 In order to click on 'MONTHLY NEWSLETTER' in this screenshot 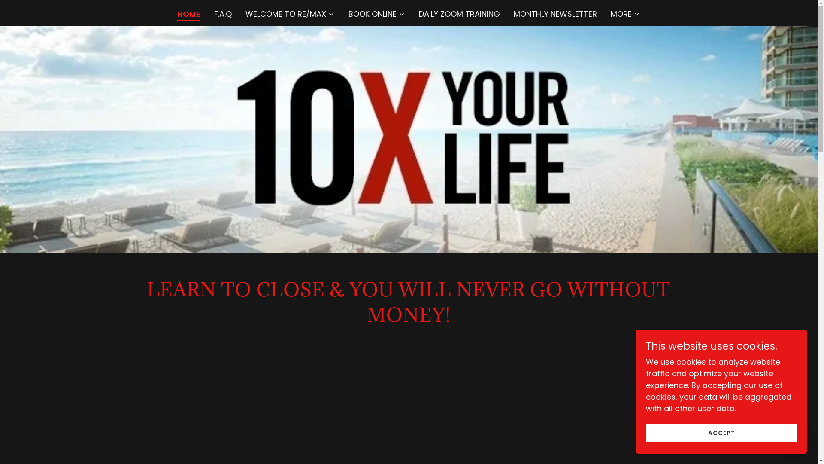, I will do `click(511, 14)`.